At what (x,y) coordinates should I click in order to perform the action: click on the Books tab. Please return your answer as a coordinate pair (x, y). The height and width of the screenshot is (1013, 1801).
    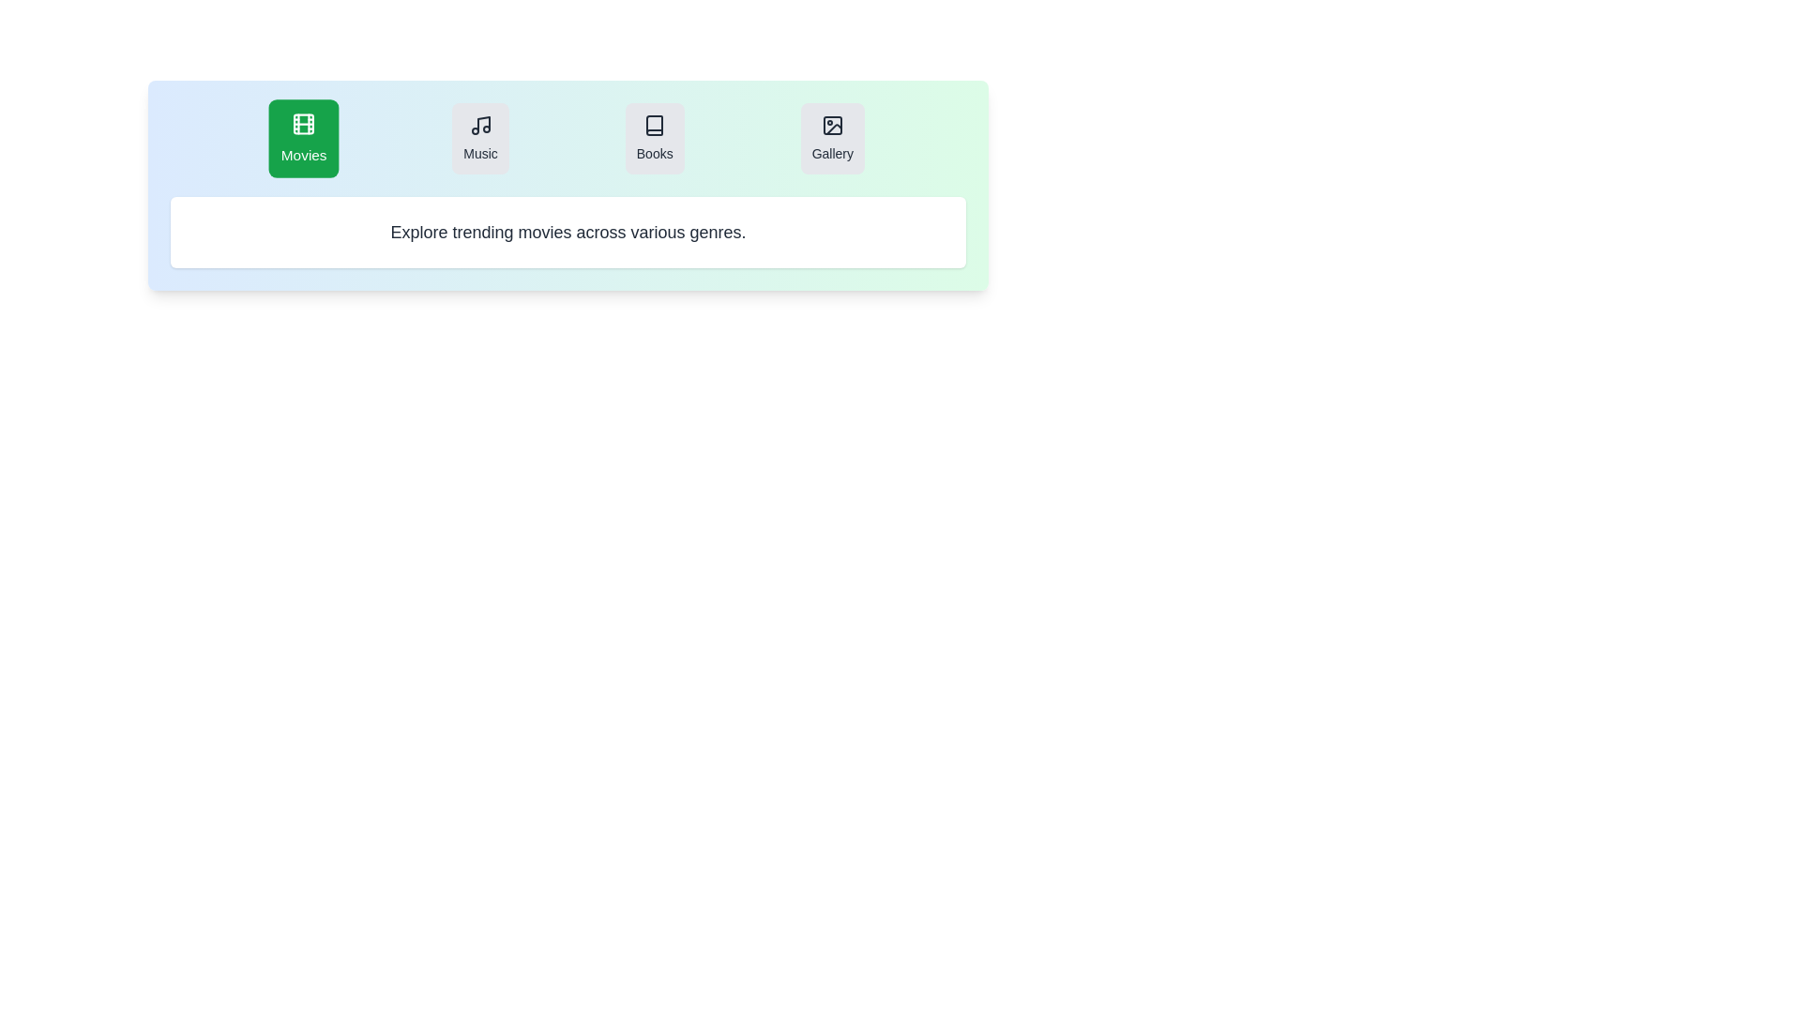
    Looking at the image, I should click on (654, 137).